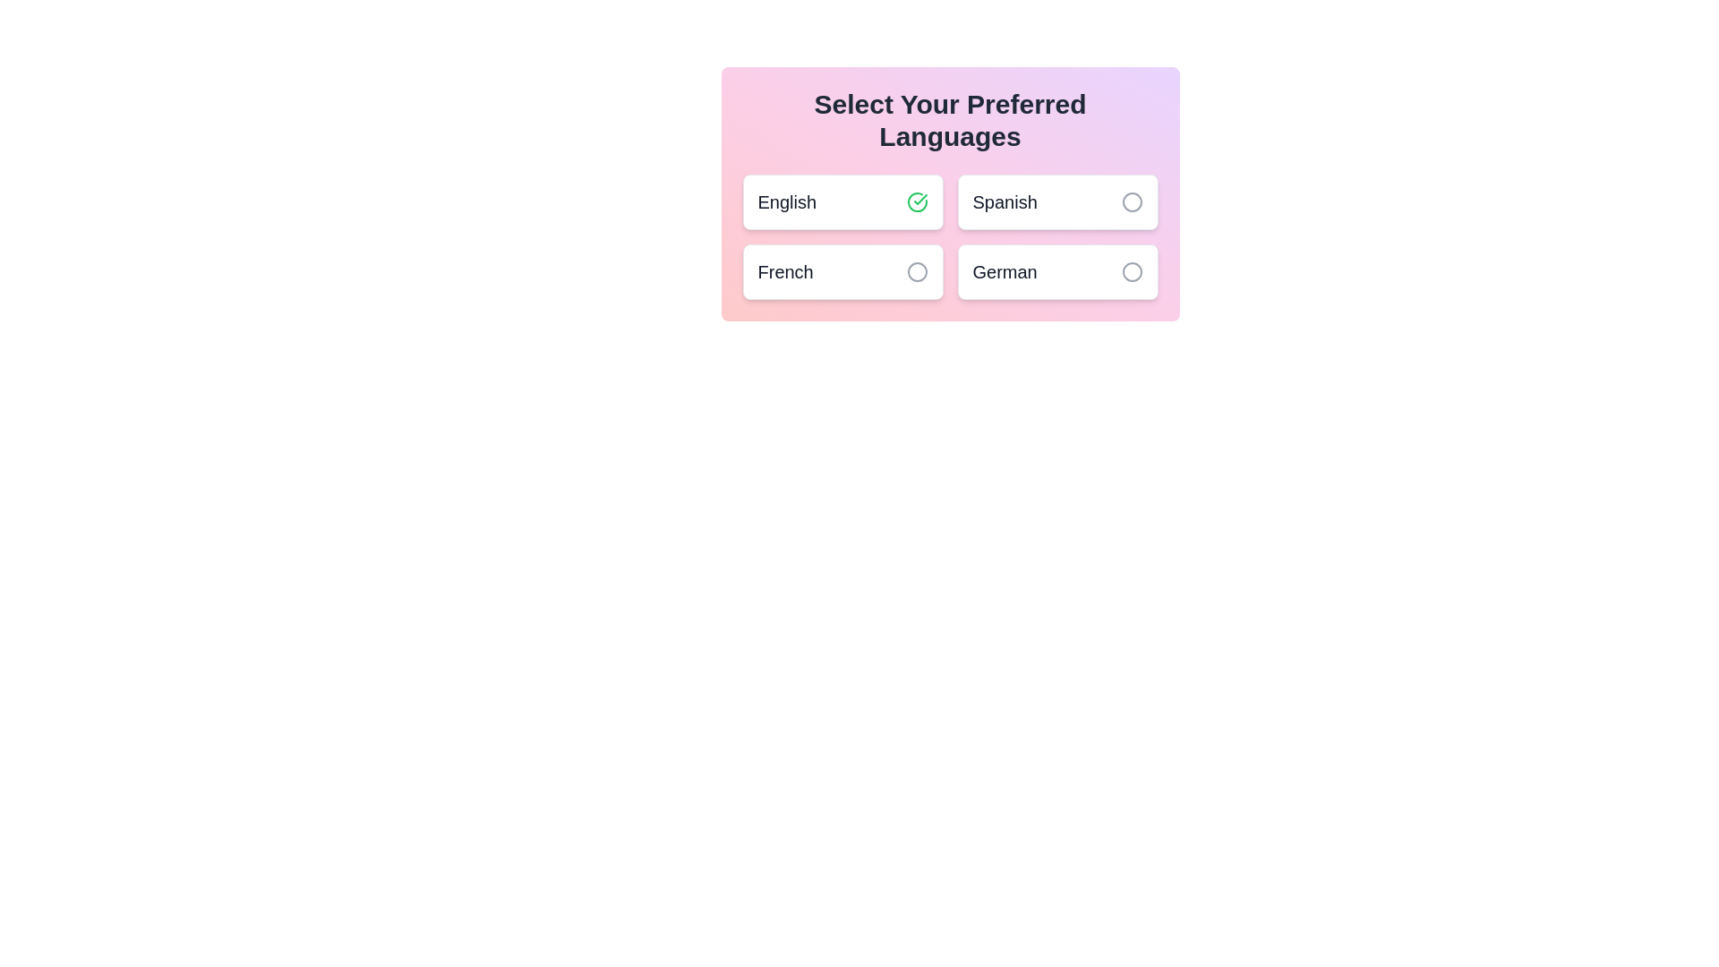 The image size is (1719, 967). I want to click on the language Spanish by clicking its associated button, so click(1131, 201).